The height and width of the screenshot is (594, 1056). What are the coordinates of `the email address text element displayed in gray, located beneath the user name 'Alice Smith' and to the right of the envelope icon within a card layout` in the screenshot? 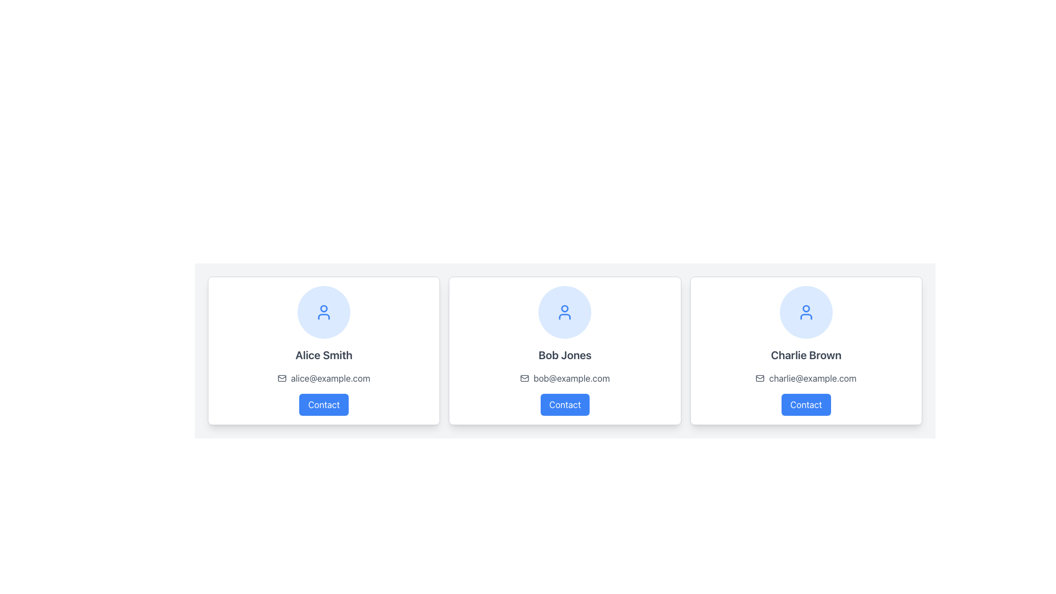 It's located at (330, 377).